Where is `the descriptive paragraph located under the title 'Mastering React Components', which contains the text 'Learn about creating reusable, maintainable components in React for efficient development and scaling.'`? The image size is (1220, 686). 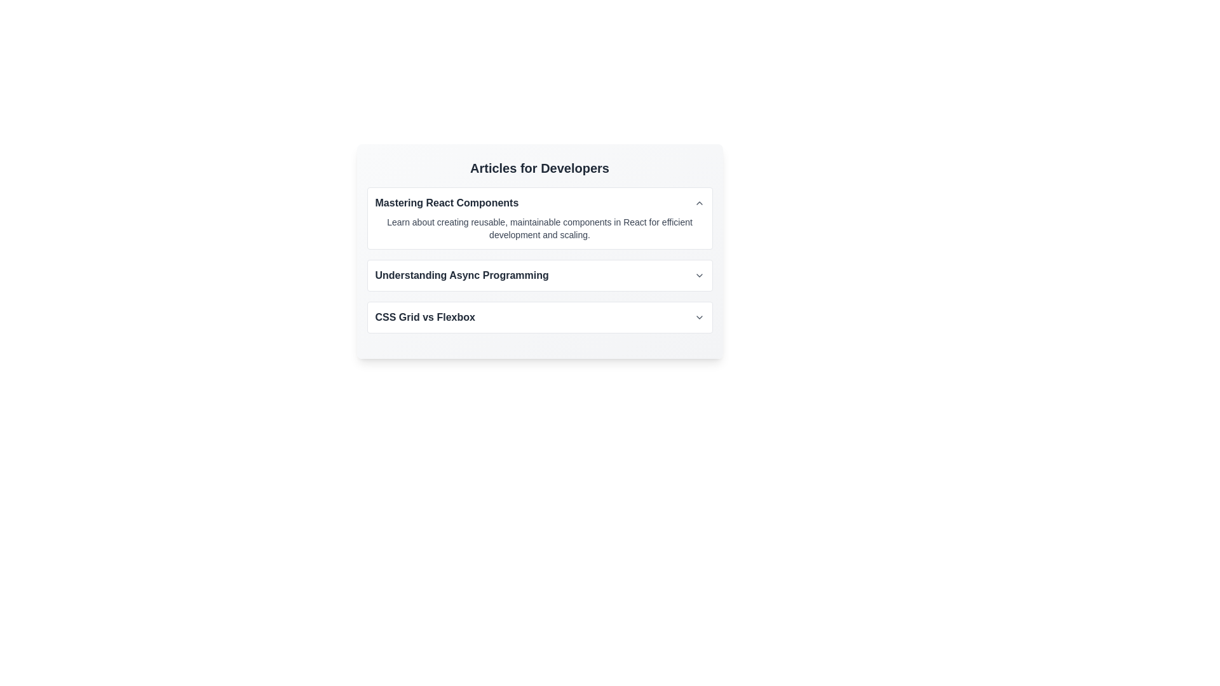
the descriptive paragraph located under the title 'Mastering React Components', which contains the text 'Learn about creating reusable, maintainable components in React for efficient development and scaling.' is located at coordinates (539, 227).